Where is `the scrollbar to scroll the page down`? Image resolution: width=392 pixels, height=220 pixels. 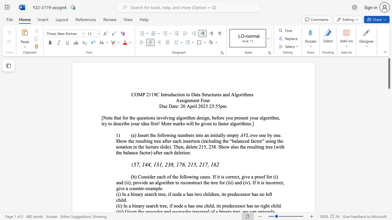
the scrollbar to scroll the page down is located at coordinates (389, 95).